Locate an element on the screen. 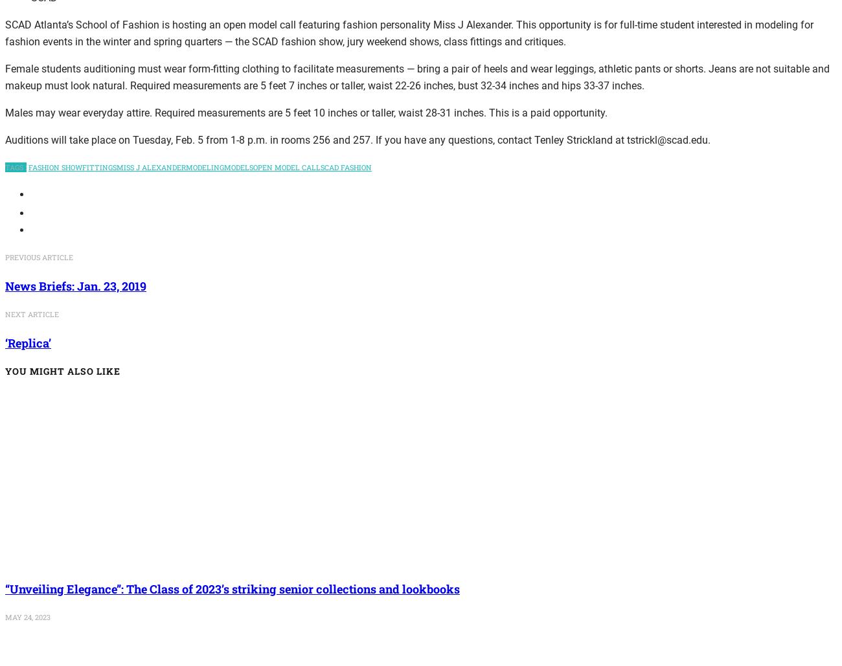 The width and height of the screenshot is (842, 666). 'modeling' is located at coordinates (205, 166).